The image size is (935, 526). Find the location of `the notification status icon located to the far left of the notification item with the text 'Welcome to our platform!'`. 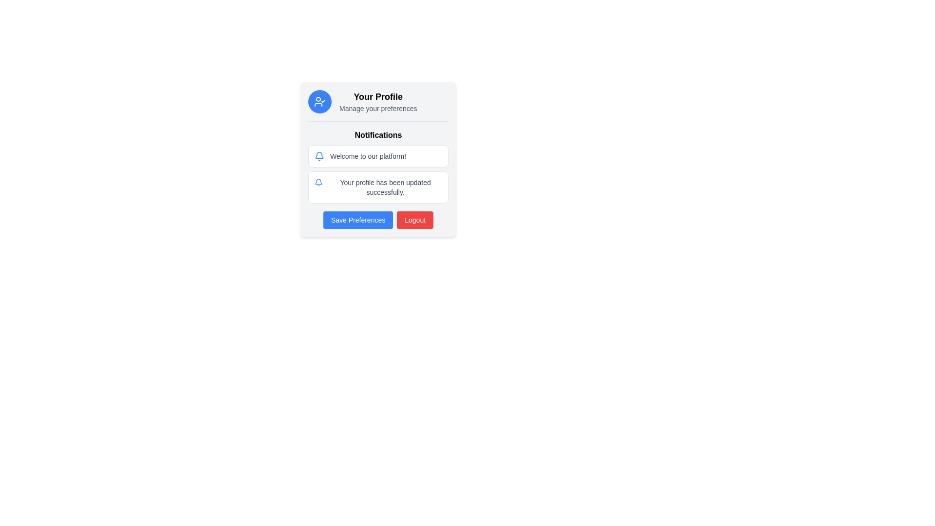

the notification status icon located to the far left of the notification item with the text 'Welcome to our platform!' is located at coordinates (319, 155).